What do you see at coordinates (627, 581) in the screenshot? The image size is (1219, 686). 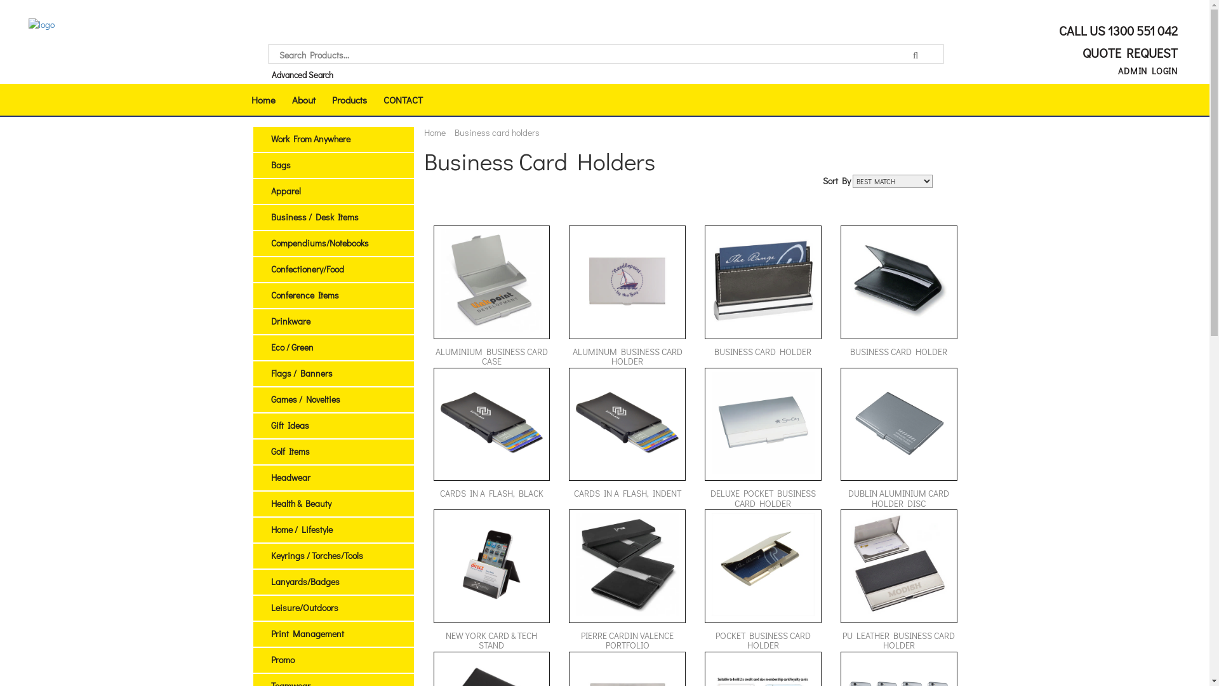 I see `'PIERRE CARDIN VALENCE PORTFOLIO'` at bounding box center [627, 581].